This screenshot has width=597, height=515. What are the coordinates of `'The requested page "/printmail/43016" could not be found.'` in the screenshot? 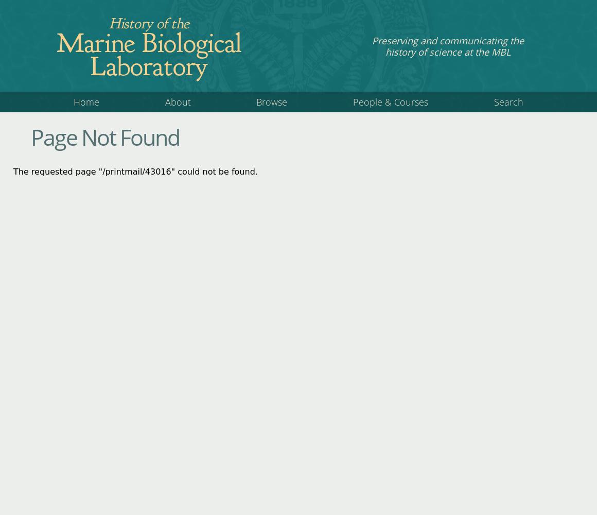 It's located at (135, 170).